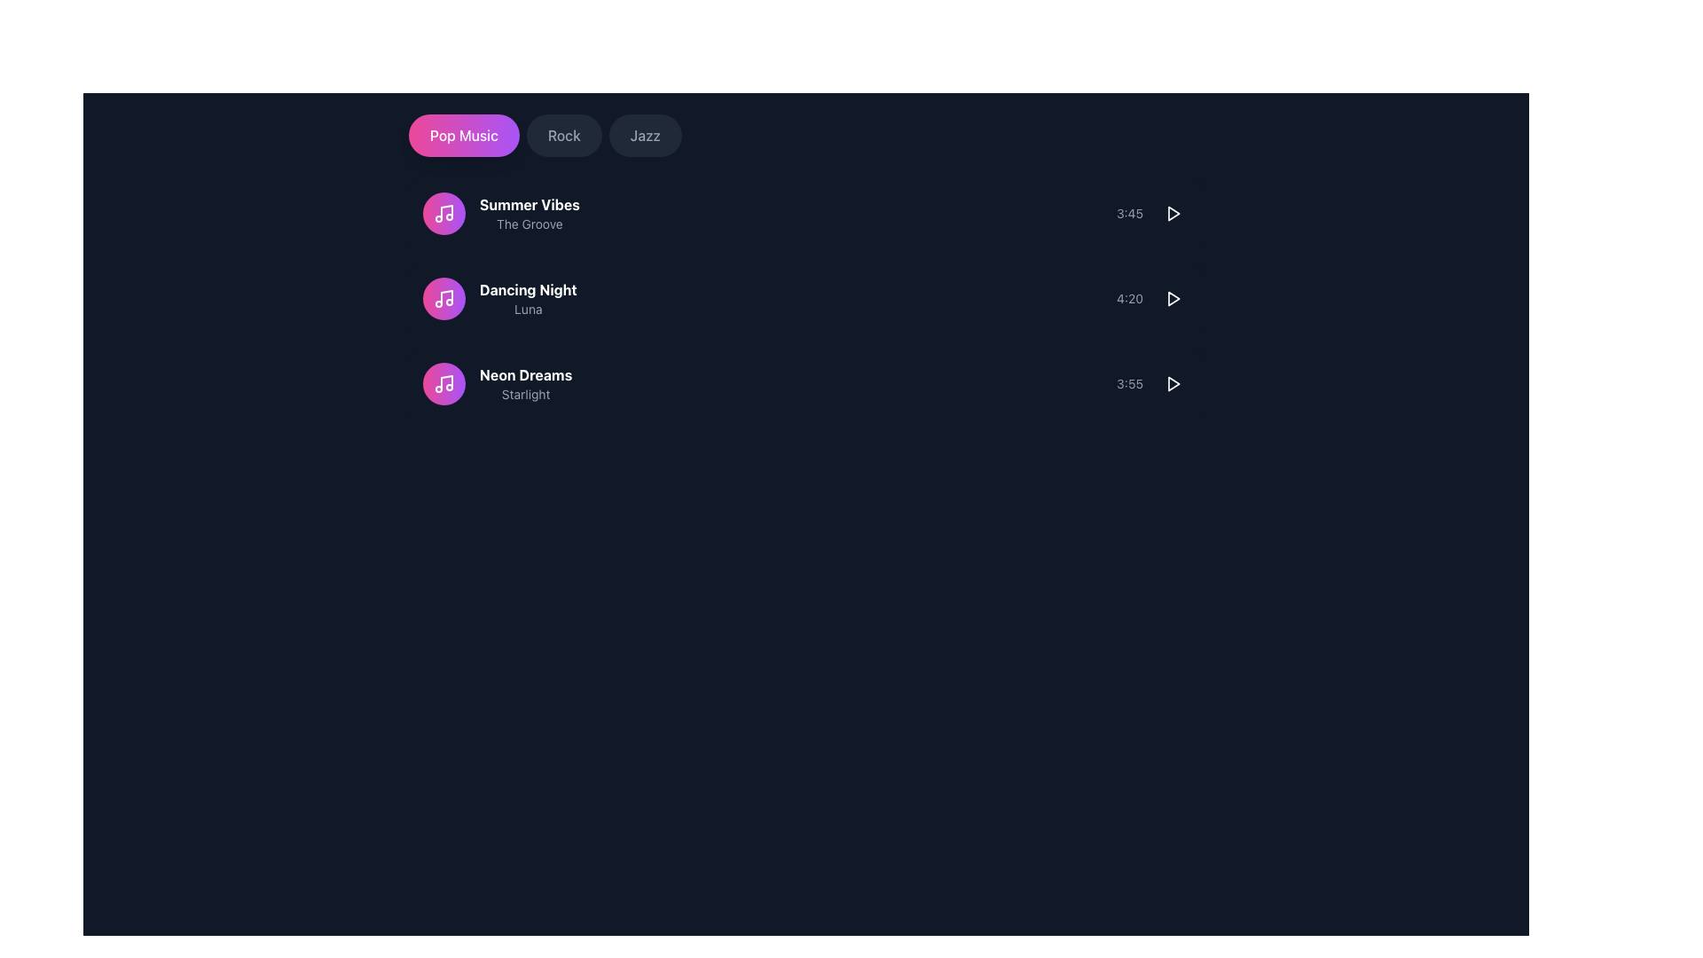 The image size is (1703, 958). What do you see at coordinates (447, 211) in the screenshot?
I see `the SVG musical note icon representing the track 'Summer Vibes' for visual feedback` at bounding box center [447, 211].